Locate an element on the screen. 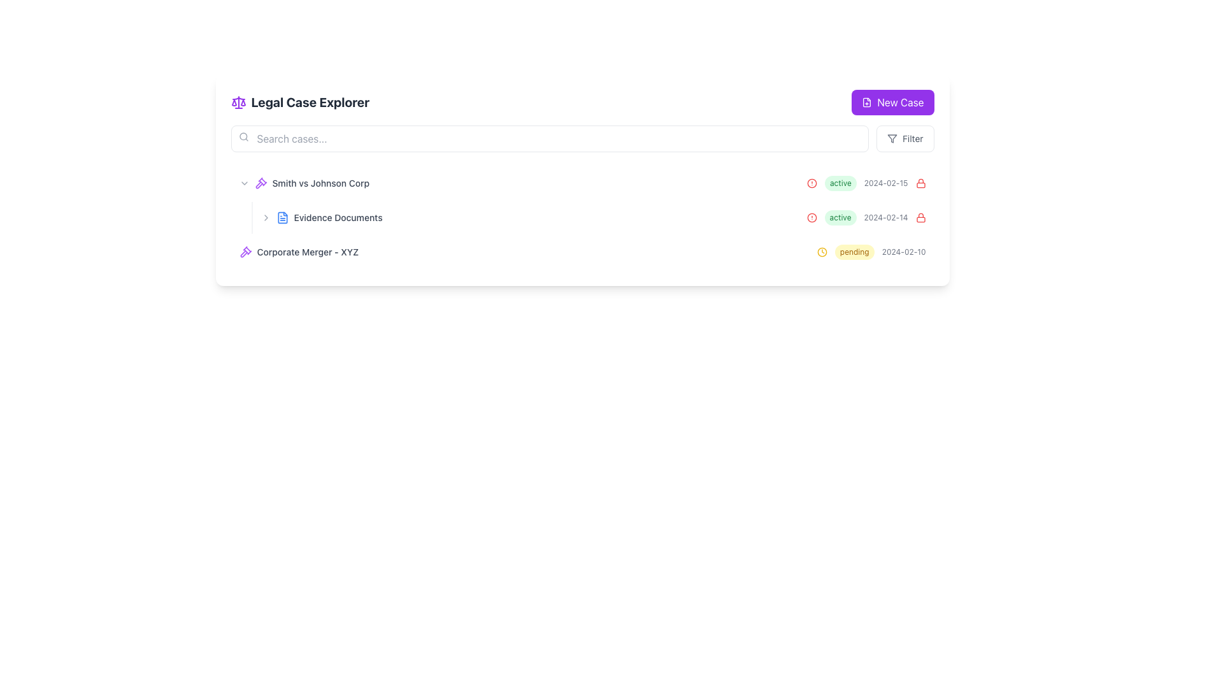 The width and height of the screenshot is (1223, 688). the second alert icon in the vertical list of cases, located next to the 'active' status label and date information is located at coordinates (811, 217).